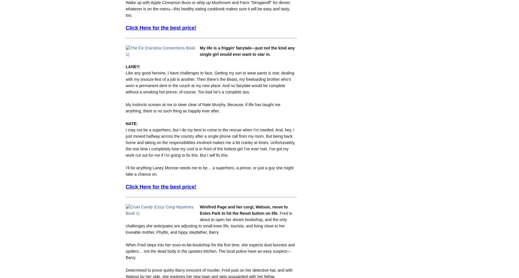 The image size is (519, 278). What do you see at coordinates (133, 66) in the screenshot?
I see `'LANEY:'` at bounding box center [133, 66].